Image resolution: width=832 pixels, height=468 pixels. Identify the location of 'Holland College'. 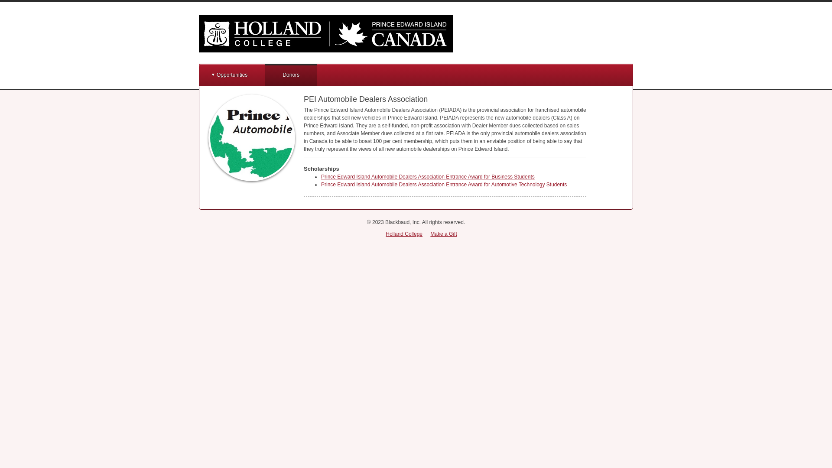
(403, 234).